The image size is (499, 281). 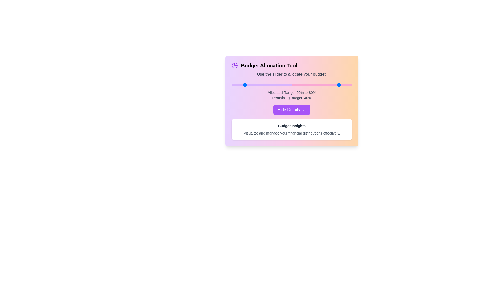 What do you see at coordinates (247, 85) in the screenshot?
I see `the first slider to set the starting percentage to 27` at bounding box center [247, 85].